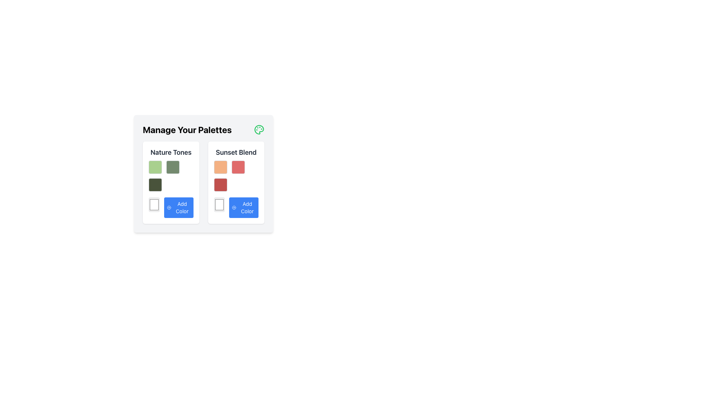 Image resolution: width=705 pixels, height=397 pixels. Describe the element at coordinates (220, 184) in the screenshot. I see `to select the third visual color tile in the 'Sunset Blend' palette, which is located below the orange and pink squares` at that location.